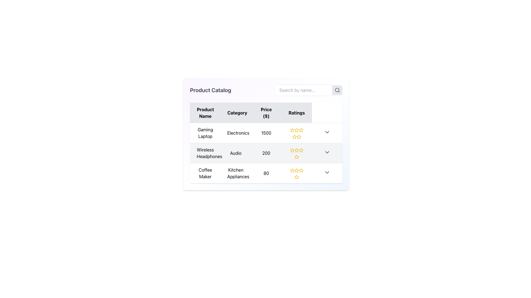  Describe the element at coordinates (327, 173) in the screenshot. I see `the dropdown trigger icon in the last column of the row for 'Coffee Maker'` at that location.